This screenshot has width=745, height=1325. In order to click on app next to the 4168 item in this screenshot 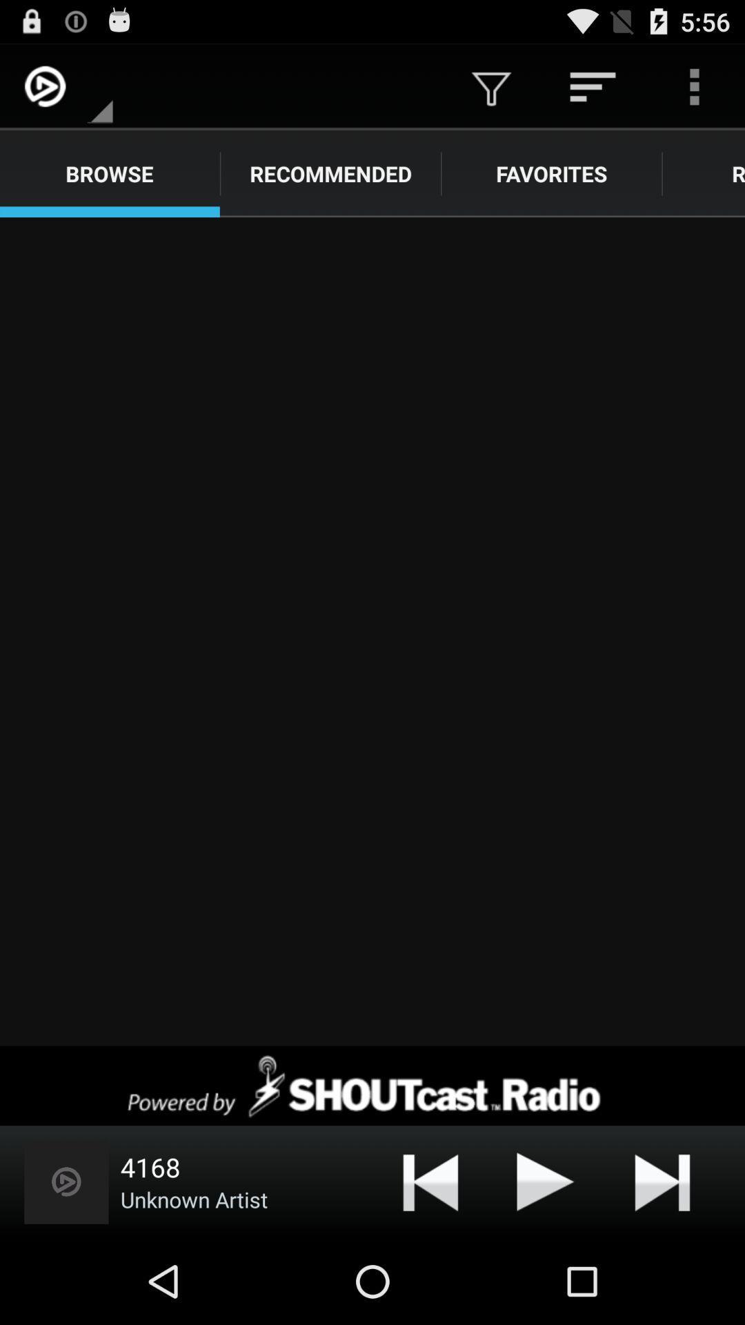, I will do `click(66, 1181)`.